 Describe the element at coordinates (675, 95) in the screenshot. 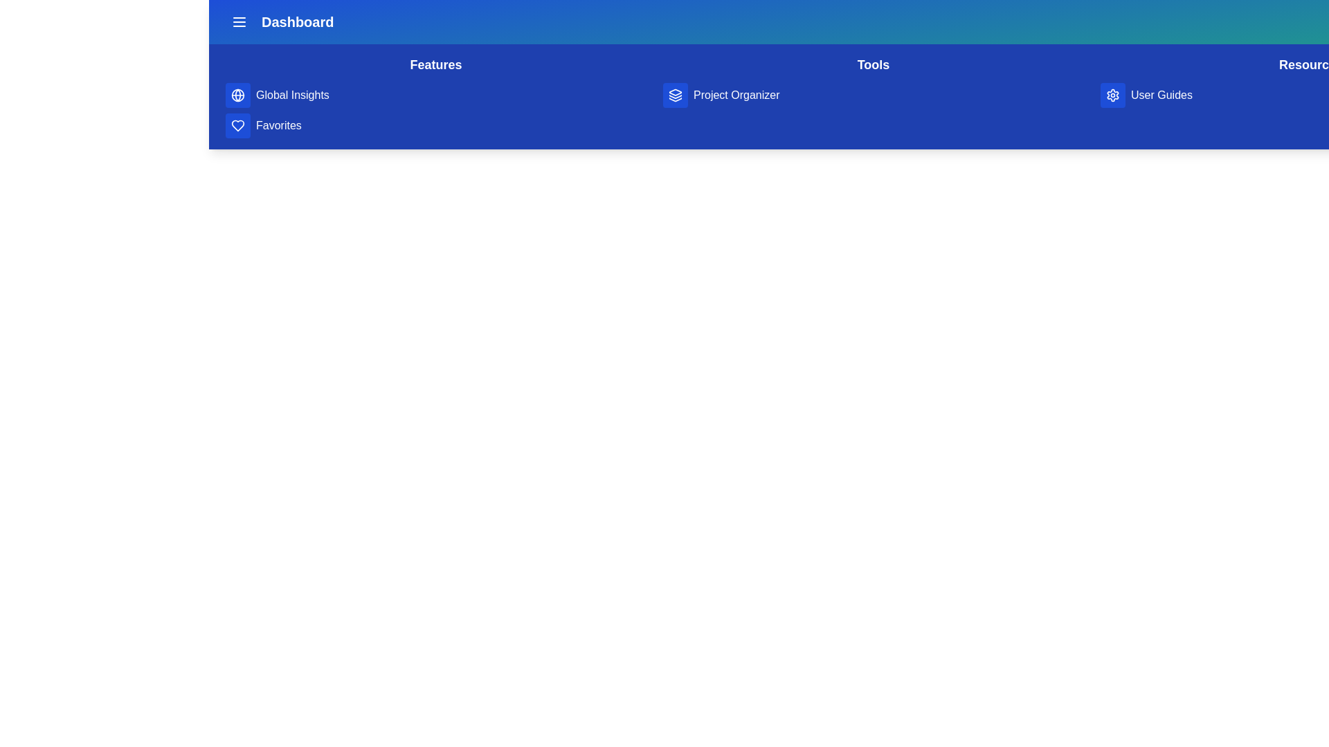

I see `the interactive button located in the top navigation bar, which is positioned to the left of the 'Project Organizer' text, to receive visual feedback` at that location.